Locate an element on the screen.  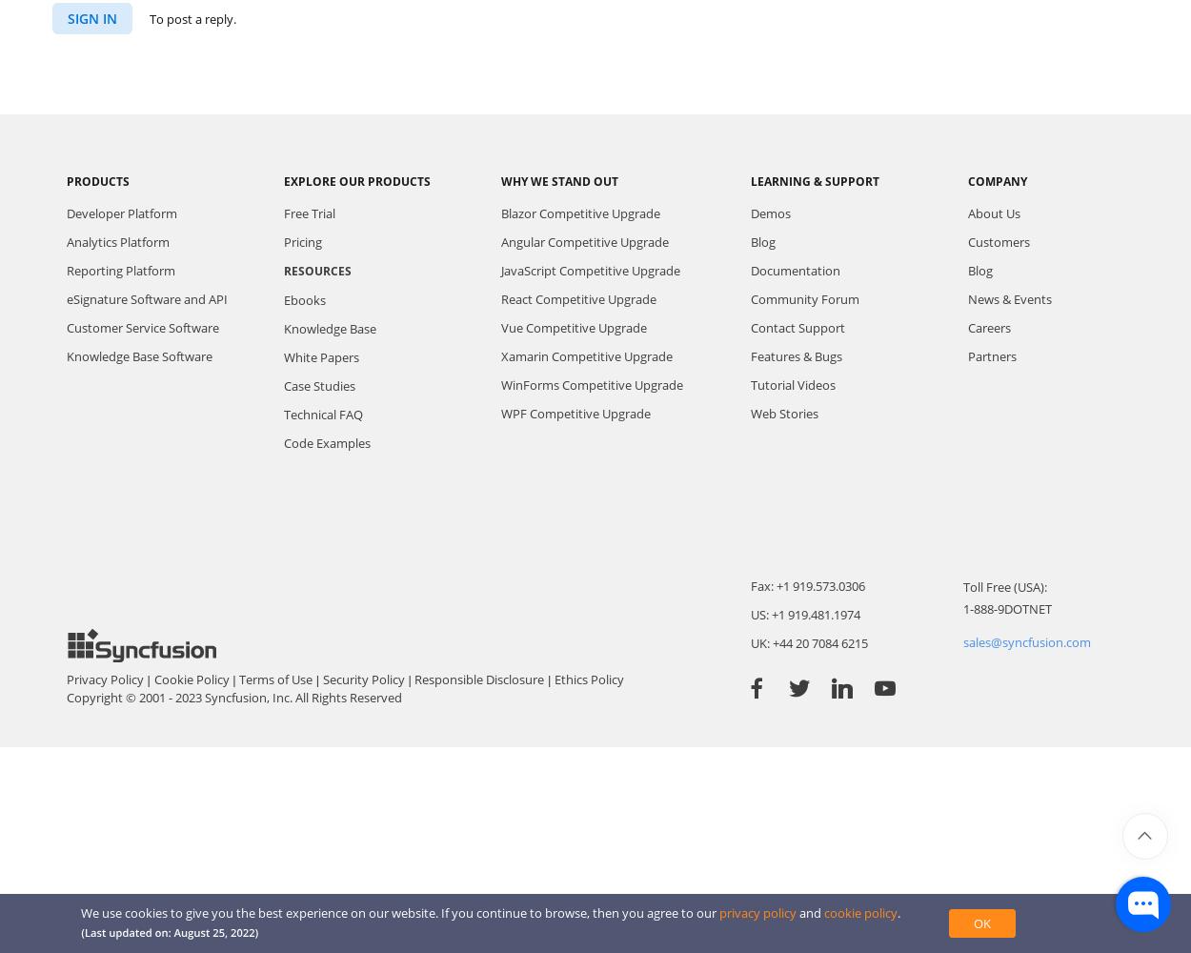
'1-888-9DOTNET' is located at coordinates (1006, 609).